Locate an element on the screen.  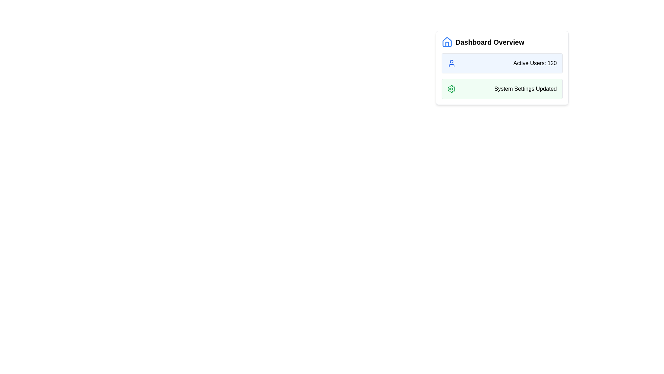
the small green settings gear icon located in the upper-left corner of the notification box adjacent to the text 'System Settings Updated' is located at coordinates (451, 89).